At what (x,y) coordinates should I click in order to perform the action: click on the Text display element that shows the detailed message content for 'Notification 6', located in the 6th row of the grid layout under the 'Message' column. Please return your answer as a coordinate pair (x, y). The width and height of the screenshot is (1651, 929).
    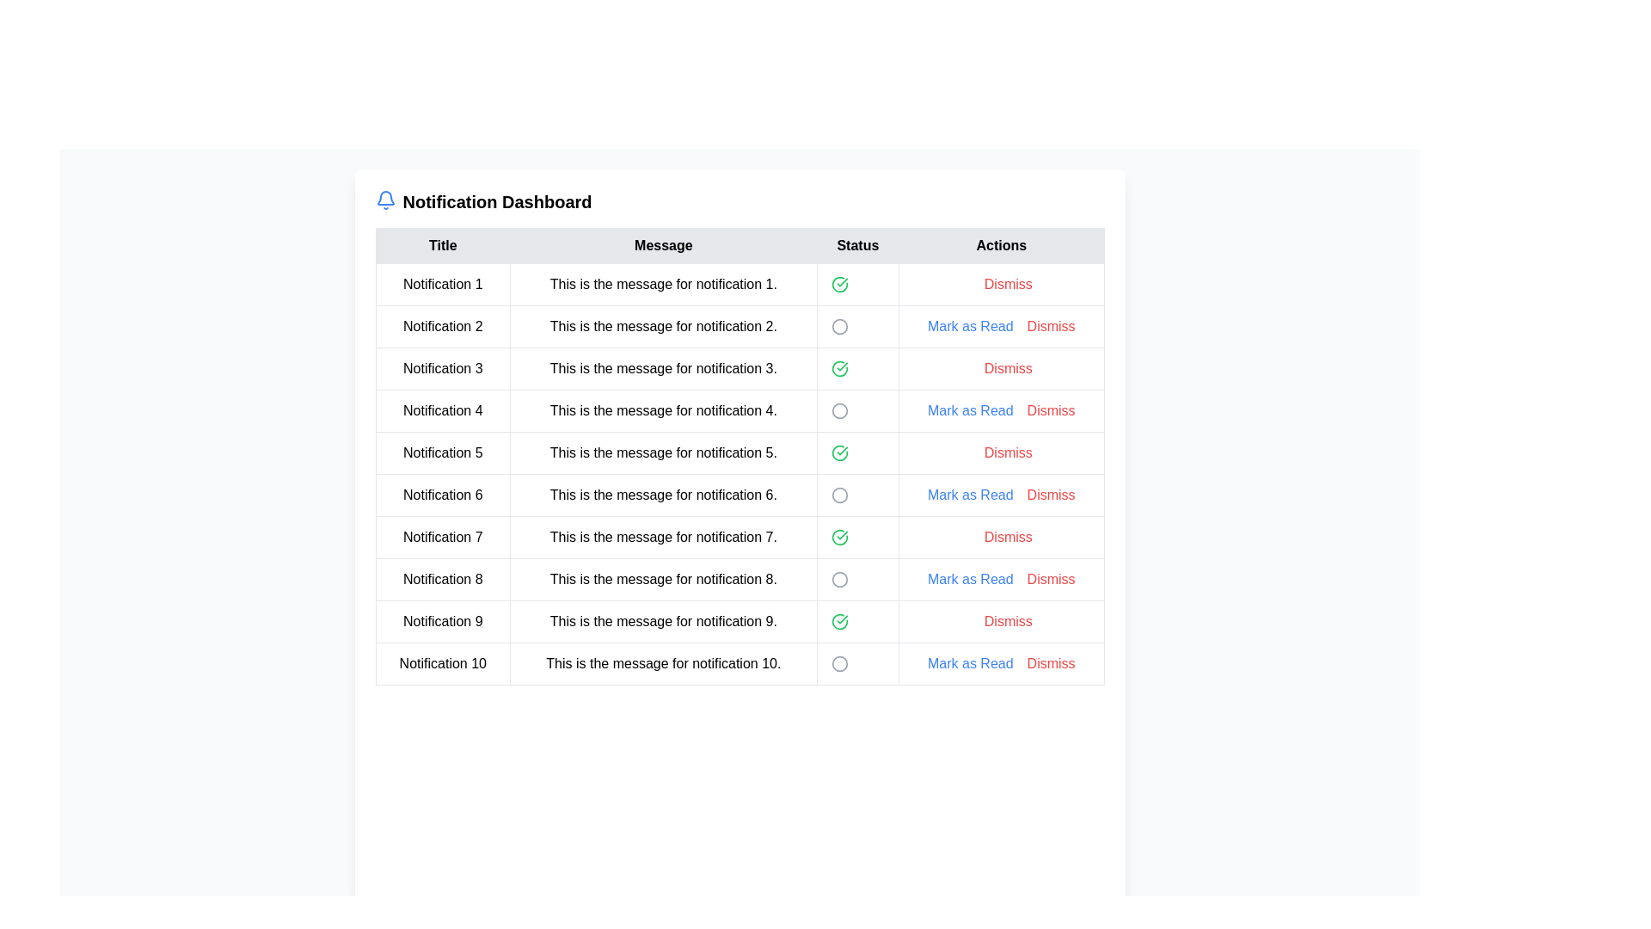
    Looking at the image, I should click on (662, 495).